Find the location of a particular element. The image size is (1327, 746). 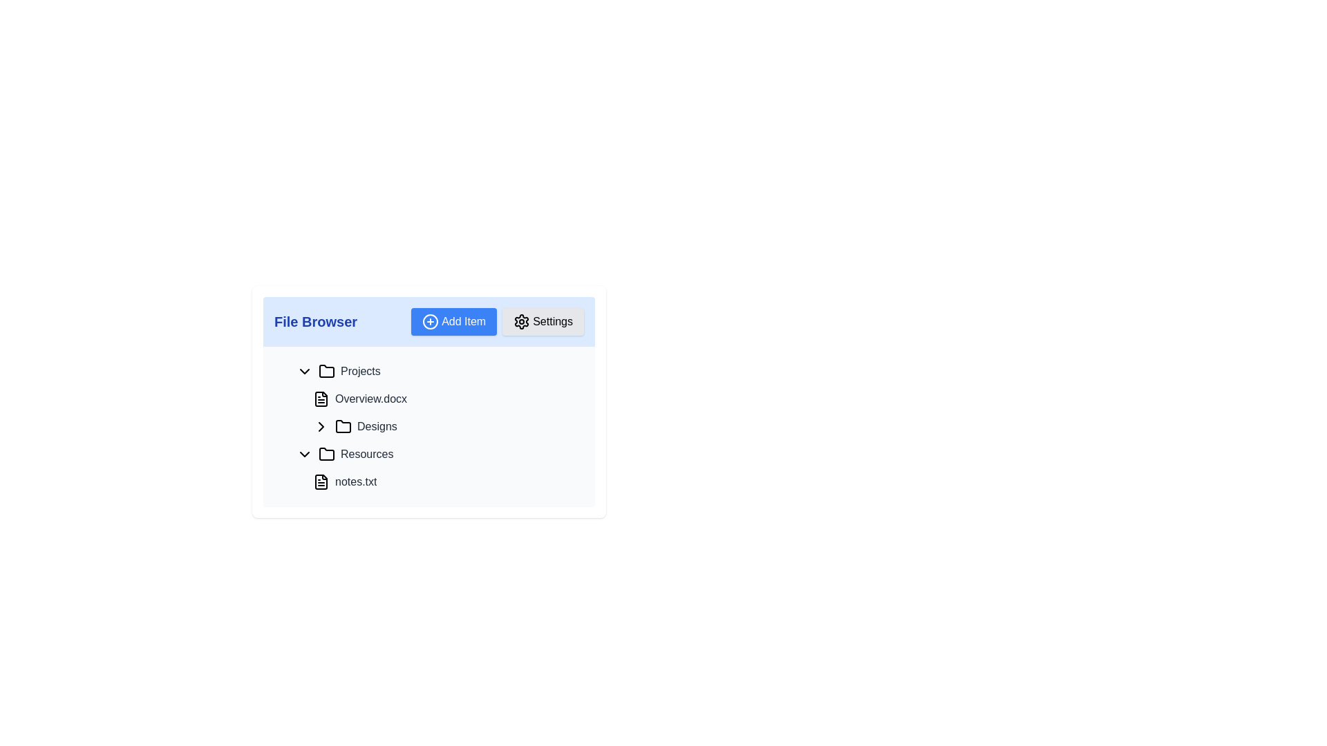

the 'Settings' button, which is a rounded rectangular button with a light gray background and a cogwheel icon, located to the right of the 'Add Item' button is located at coordinates (543, 322).